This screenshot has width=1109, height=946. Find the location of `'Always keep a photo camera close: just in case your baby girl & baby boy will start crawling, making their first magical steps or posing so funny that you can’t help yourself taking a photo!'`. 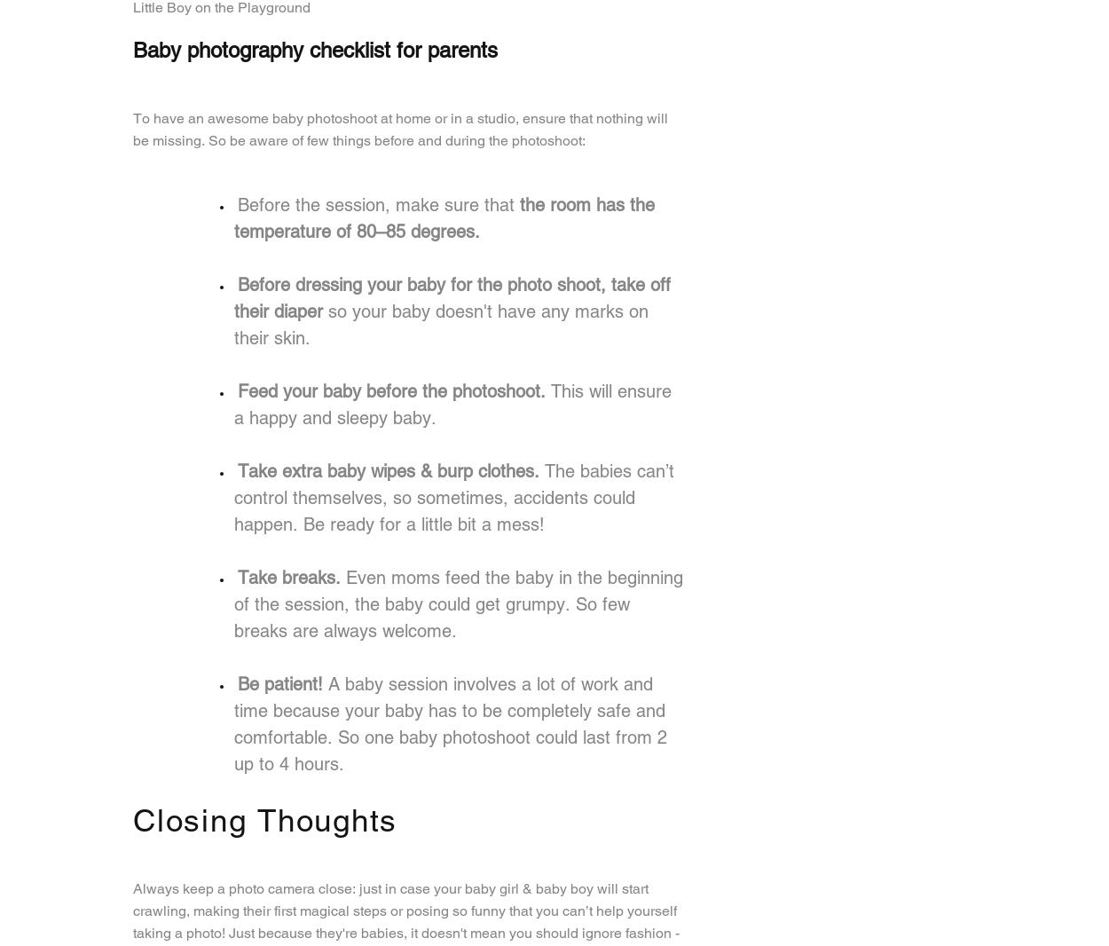

'Always keep a photo camera close: just in case your baby girl & baby boy will start crawling, making their first magical steps or posing so funny that you can’t help yourself taking a photo!' is located at coordinates (404, 910).